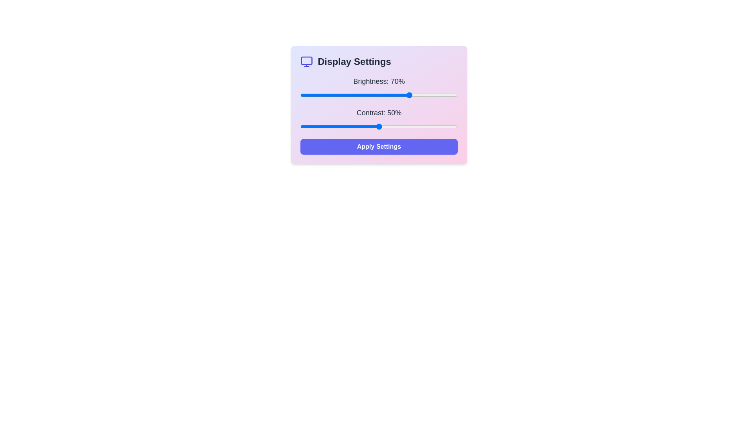  What do you see at coordinates (315, 126) in the screenshot?
I see `the contrast slider to 9%` at bounding box center [315, 126].